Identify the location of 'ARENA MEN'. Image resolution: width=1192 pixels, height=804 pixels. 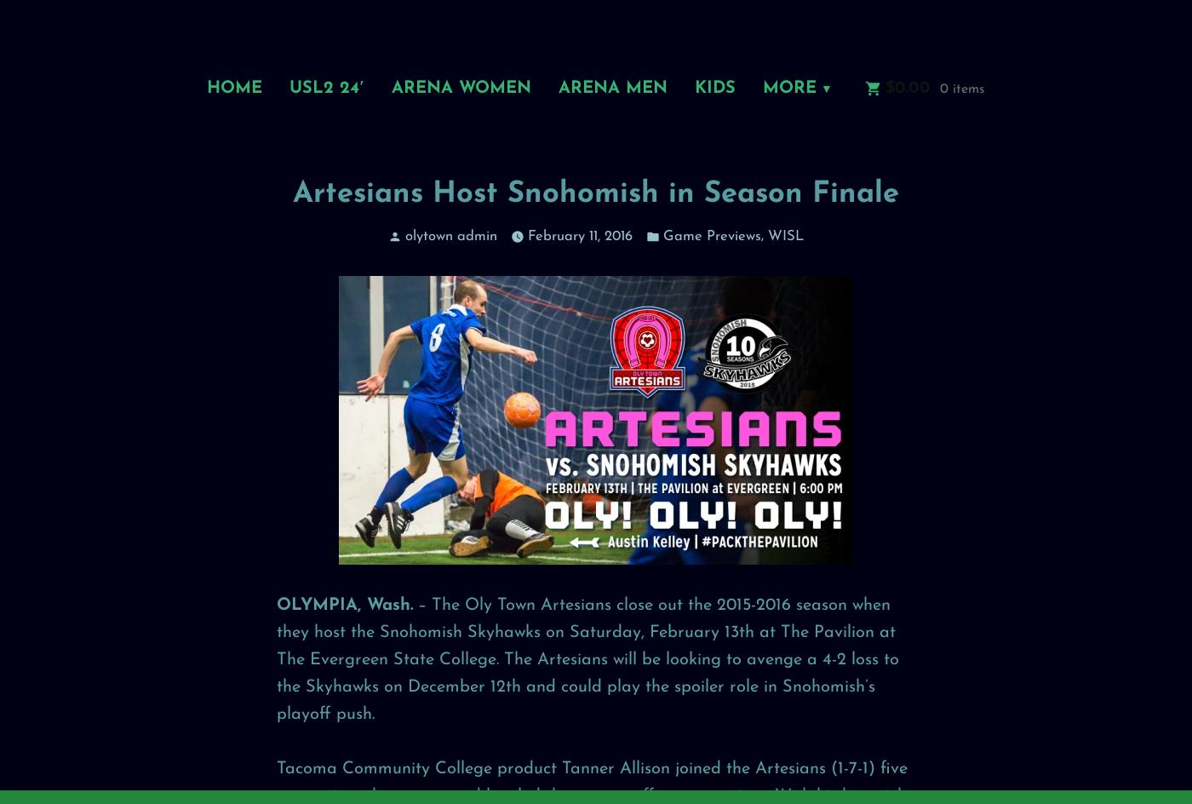
(612, 86).